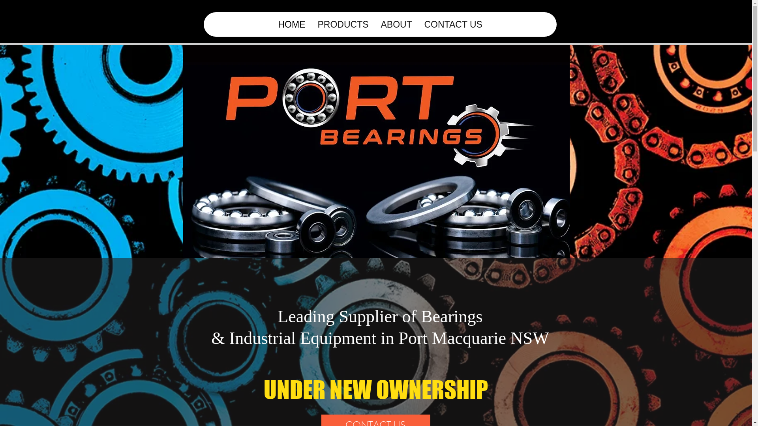  I want to click on 'PRODUCTS', so click(343, 24).